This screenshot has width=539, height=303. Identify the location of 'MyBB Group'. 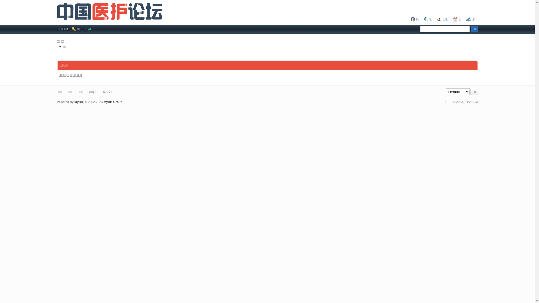
(104, 102).